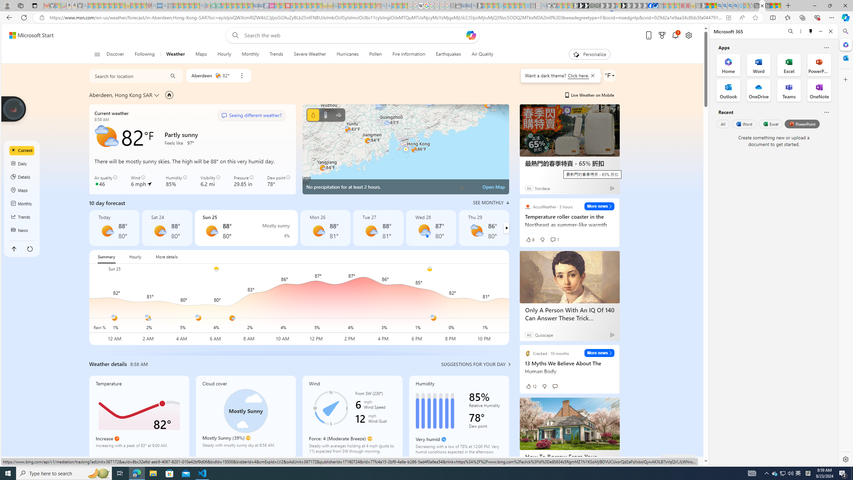  I want to click on 'Earthquakes', so click(448, 54).